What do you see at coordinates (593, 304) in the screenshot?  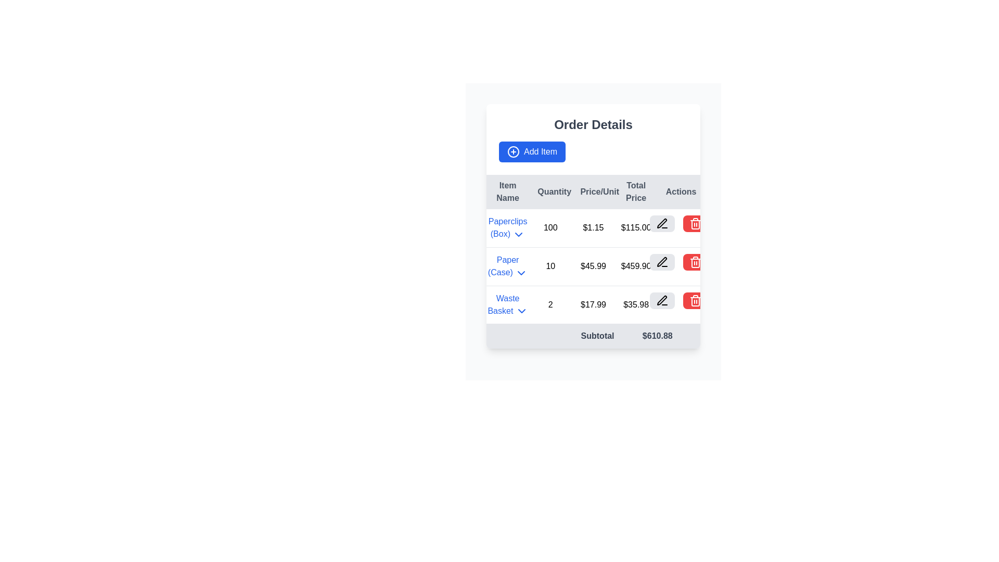 I see `the Text Label element displaying the price '$17.99' in the 'Price/Unit' column of the third row for the item 'Waste Basket'` at bounding box center [593, 304].